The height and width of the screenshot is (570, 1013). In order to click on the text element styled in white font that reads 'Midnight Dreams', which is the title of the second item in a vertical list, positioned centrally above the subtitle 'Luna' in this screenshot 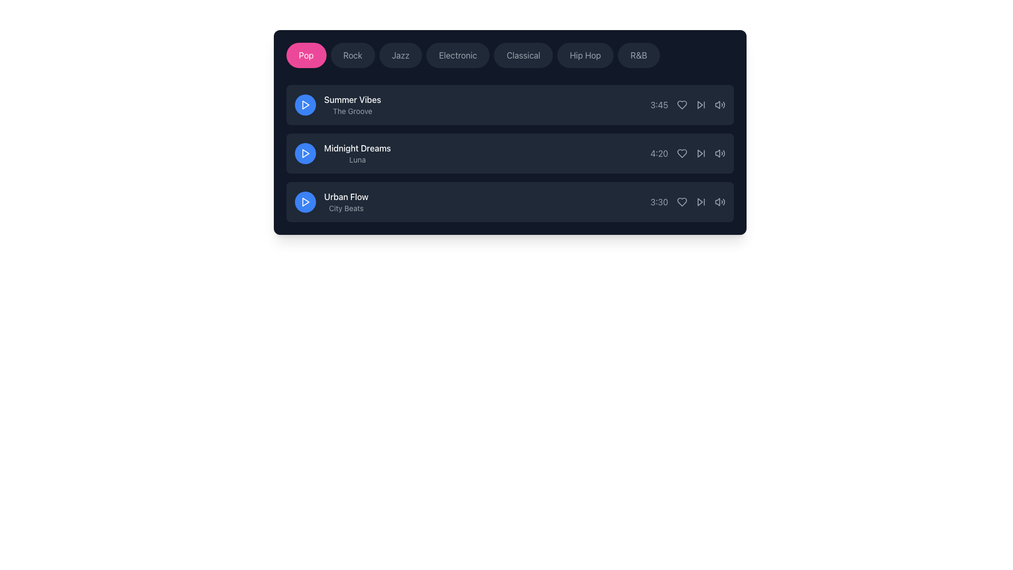, I will do `click(357, 148)`.